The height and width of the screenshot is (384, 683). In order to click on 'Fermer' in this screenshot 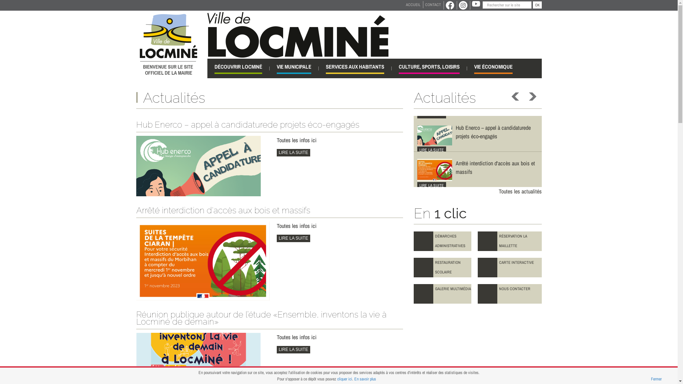, I will do `click(656, 378)`.